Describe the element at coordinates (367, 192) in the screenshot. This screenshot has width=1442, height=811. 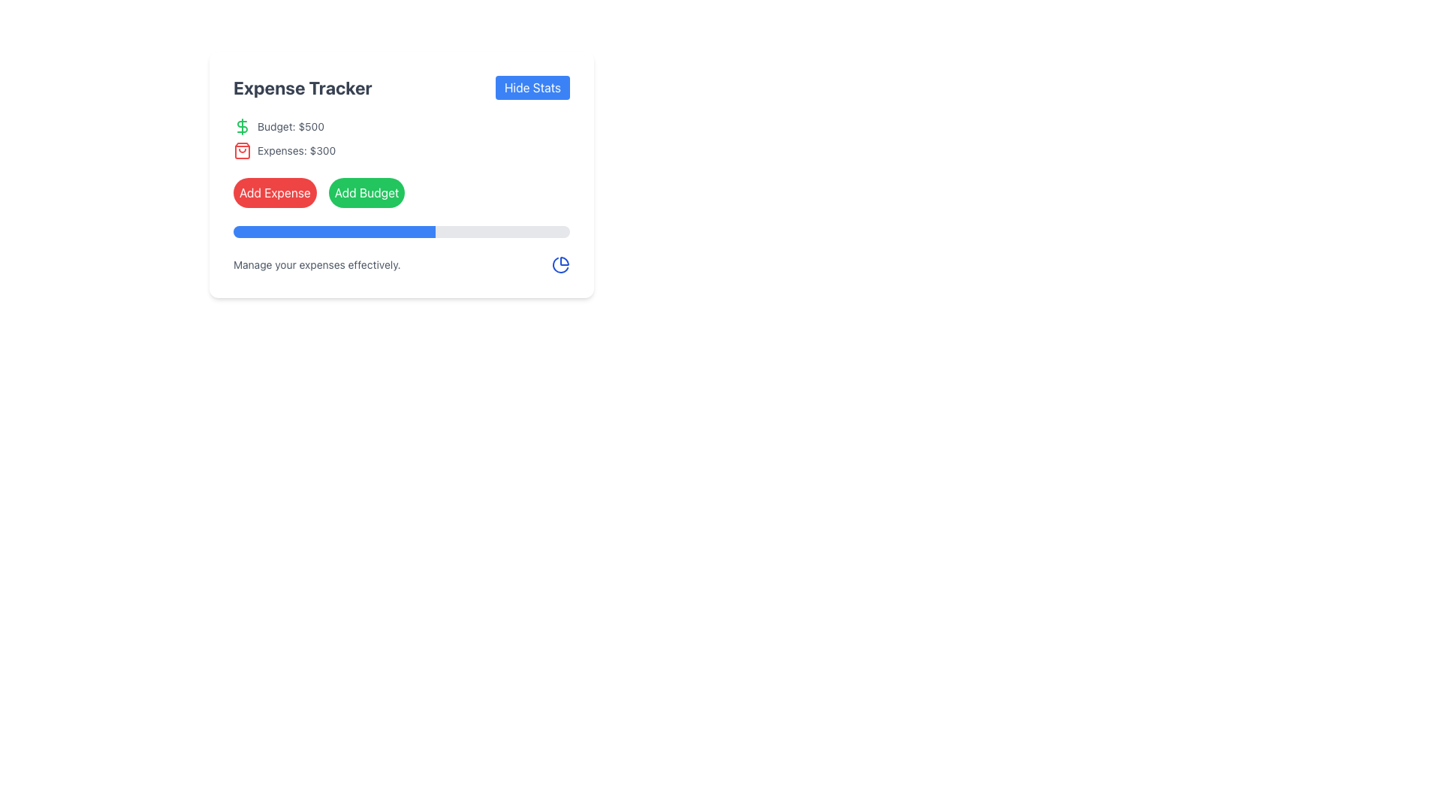
I see `the second button in the horizontal layout for budget management` at that location.